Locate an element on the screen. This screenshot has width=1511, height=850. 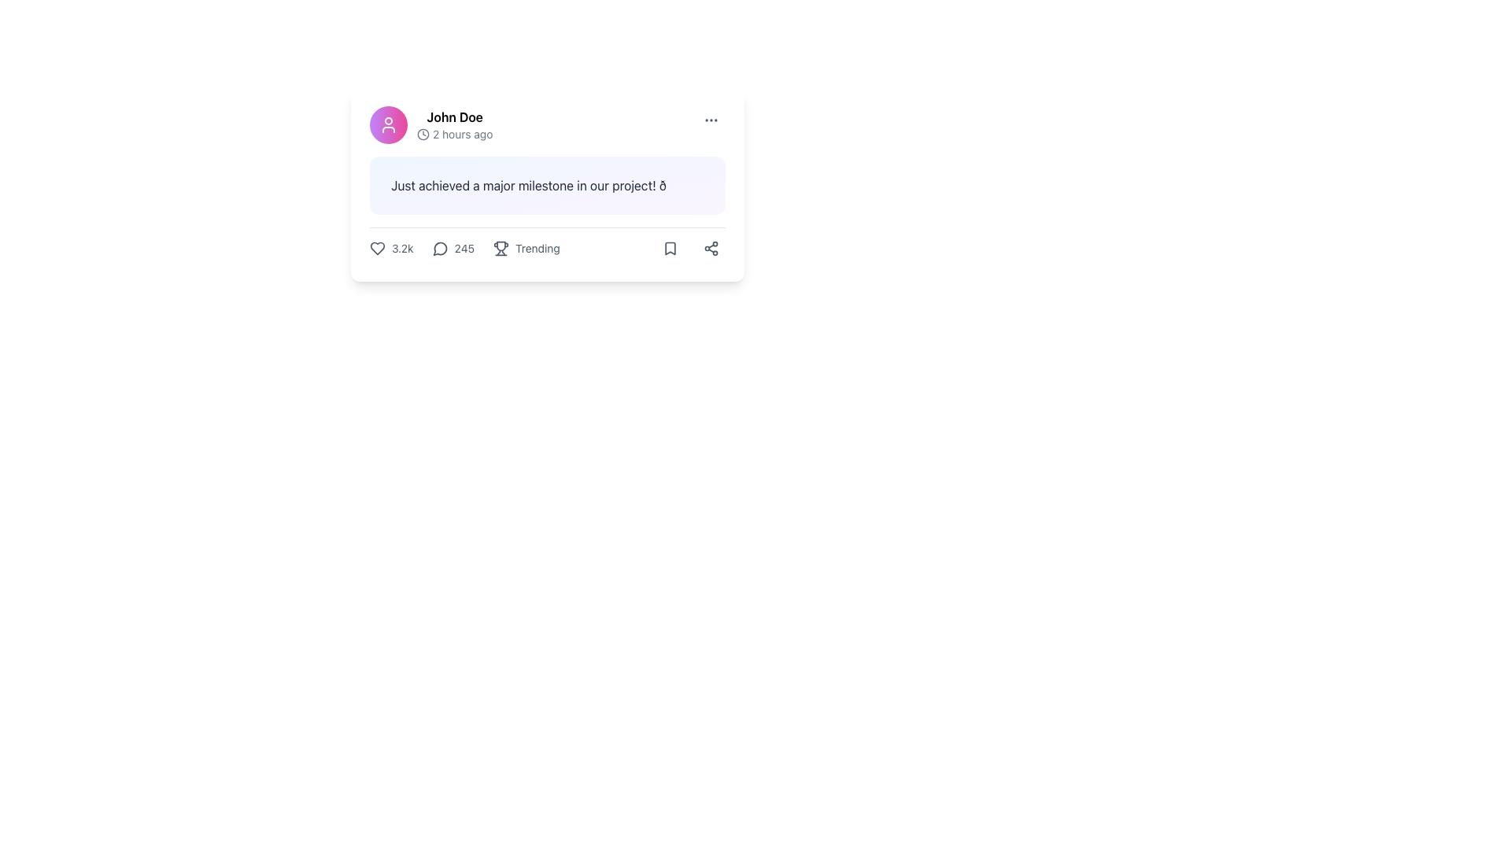
the text display with an icon that indicates the time elapsed since the post was created or last updated, located in the post header area to the right of the user name 'John Doe' is located at coordinates (454, 133).